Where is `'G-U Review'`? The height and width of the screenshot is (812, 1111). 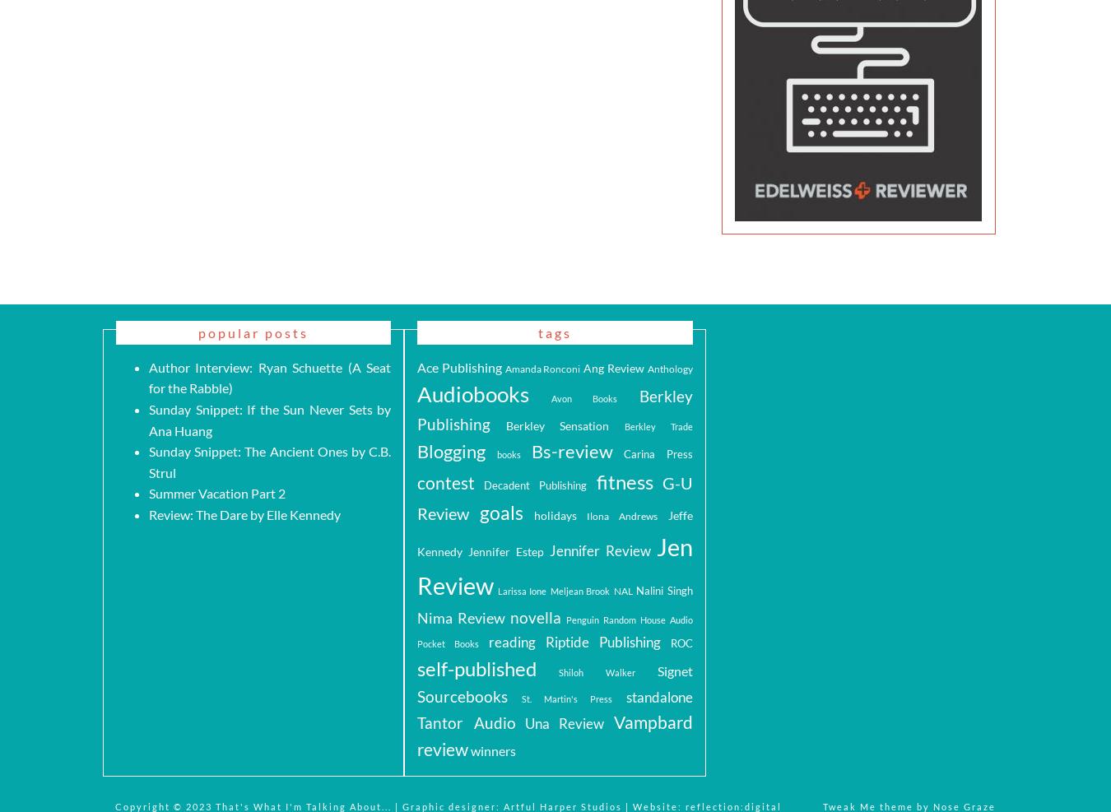
'G-U Review' is located at coordinates (555, 497).